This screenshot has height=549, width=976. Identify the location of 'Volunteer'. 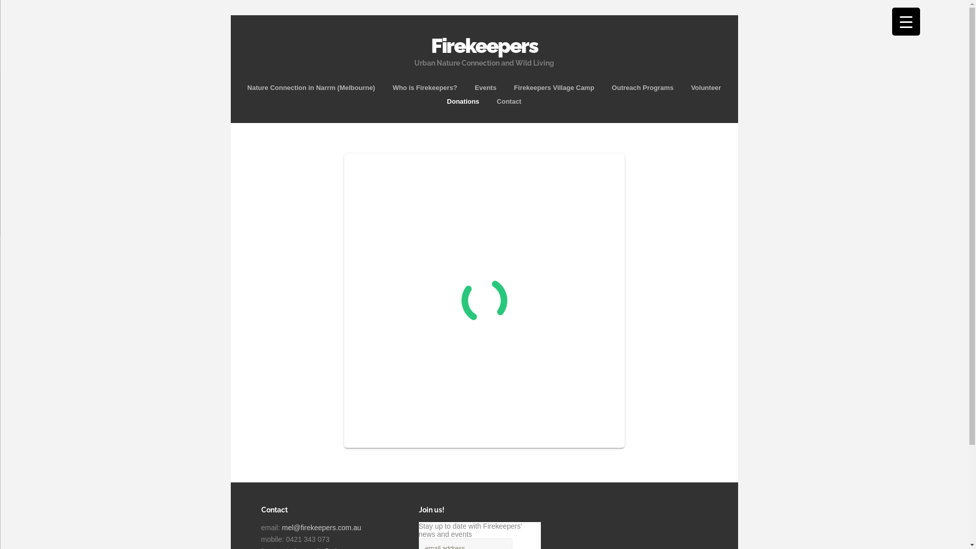
(705, 87).